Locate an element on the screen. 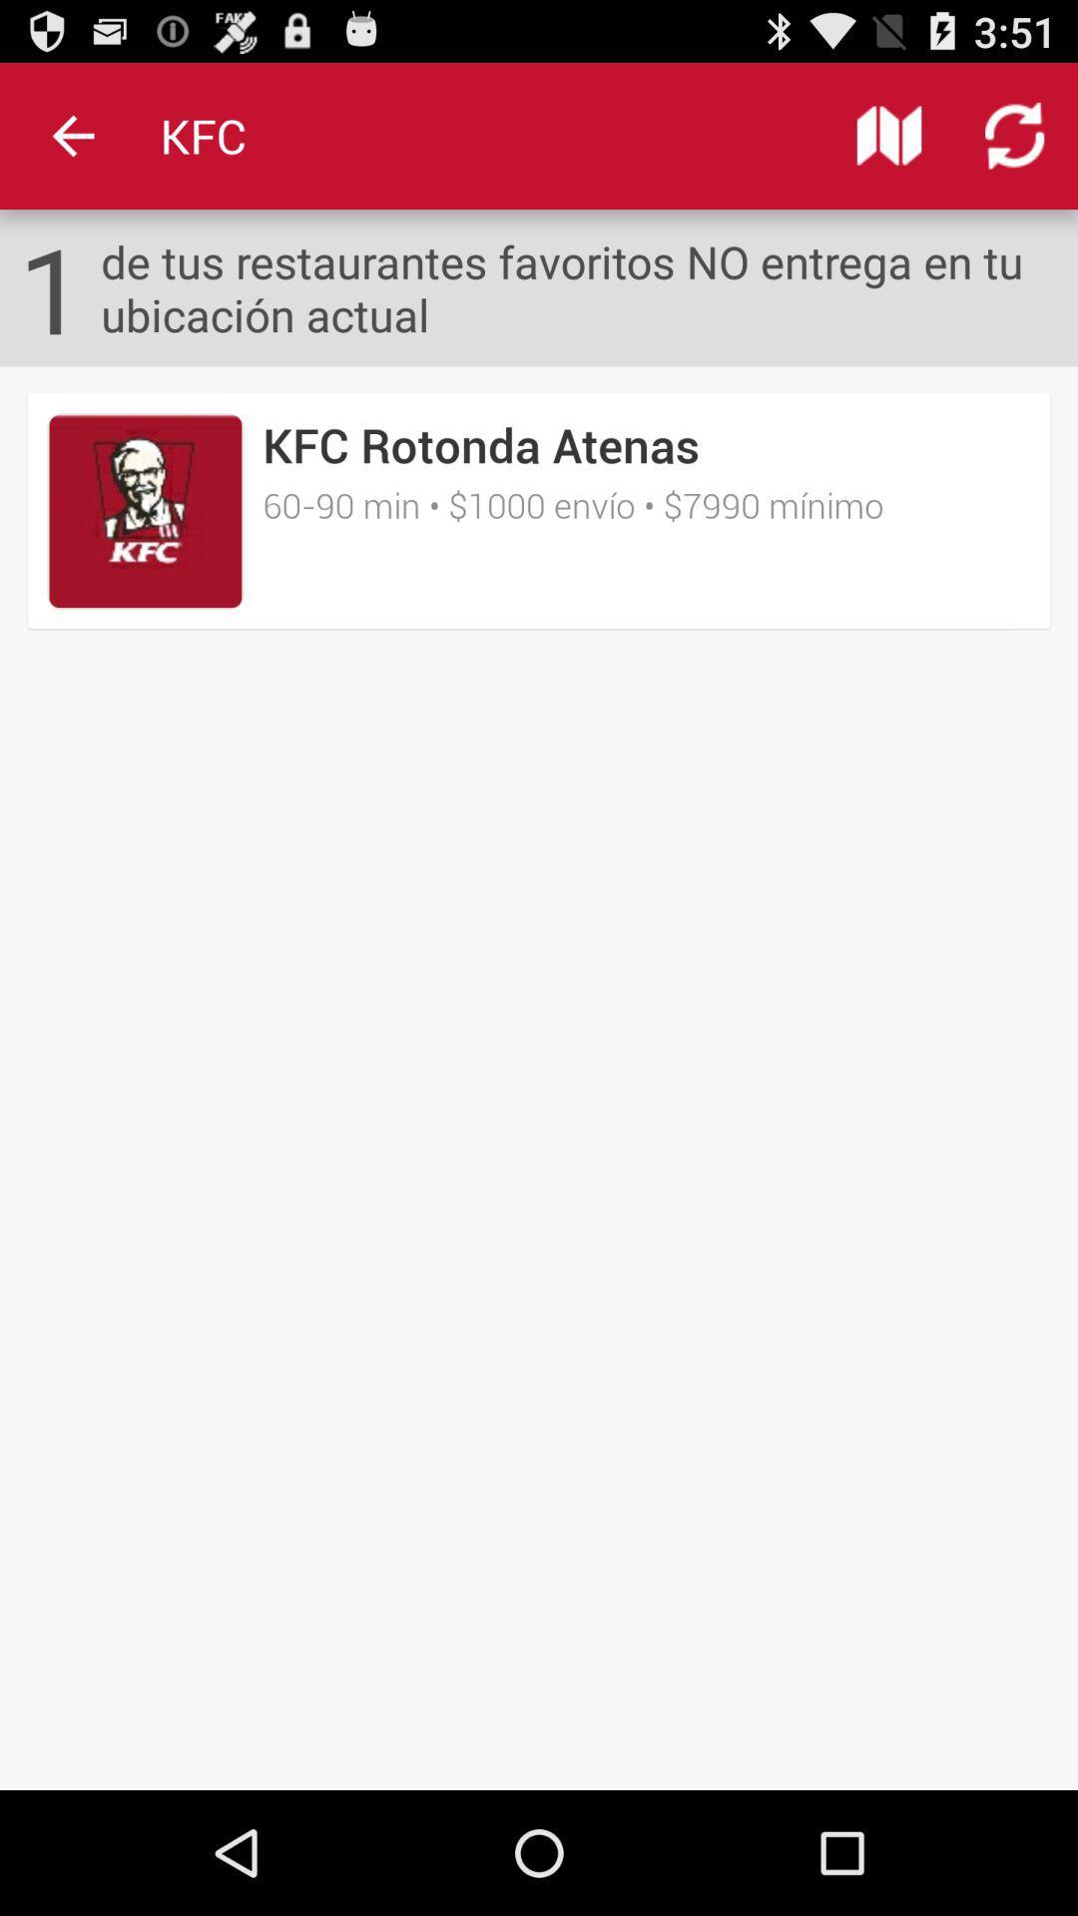 The width and height of the screenshot is (1078, 1916). 1 item is located at coordinates (51, 286).